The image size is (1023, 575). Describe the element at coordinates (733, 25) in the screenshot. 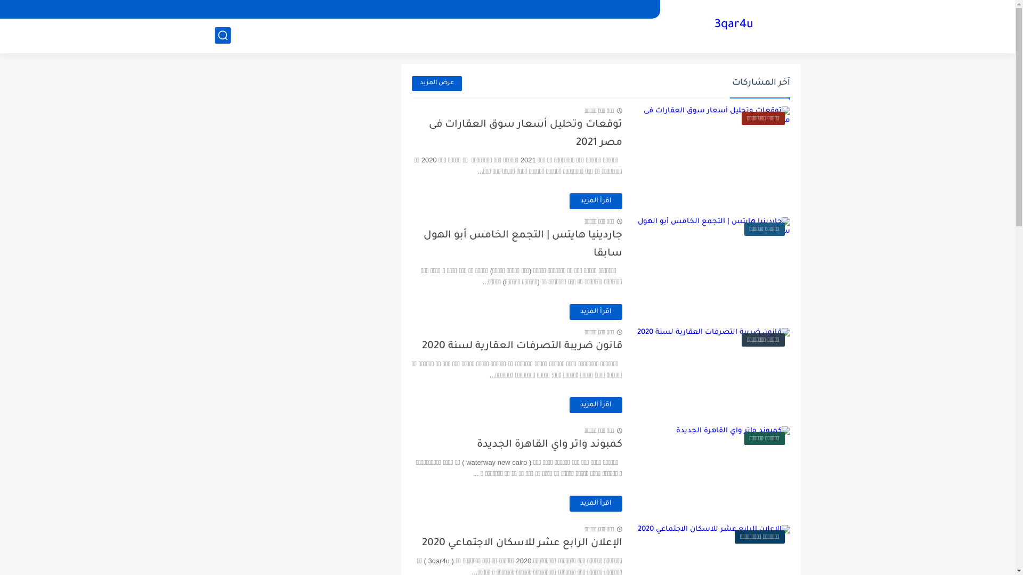

I see `'3qar4u'` at that location.